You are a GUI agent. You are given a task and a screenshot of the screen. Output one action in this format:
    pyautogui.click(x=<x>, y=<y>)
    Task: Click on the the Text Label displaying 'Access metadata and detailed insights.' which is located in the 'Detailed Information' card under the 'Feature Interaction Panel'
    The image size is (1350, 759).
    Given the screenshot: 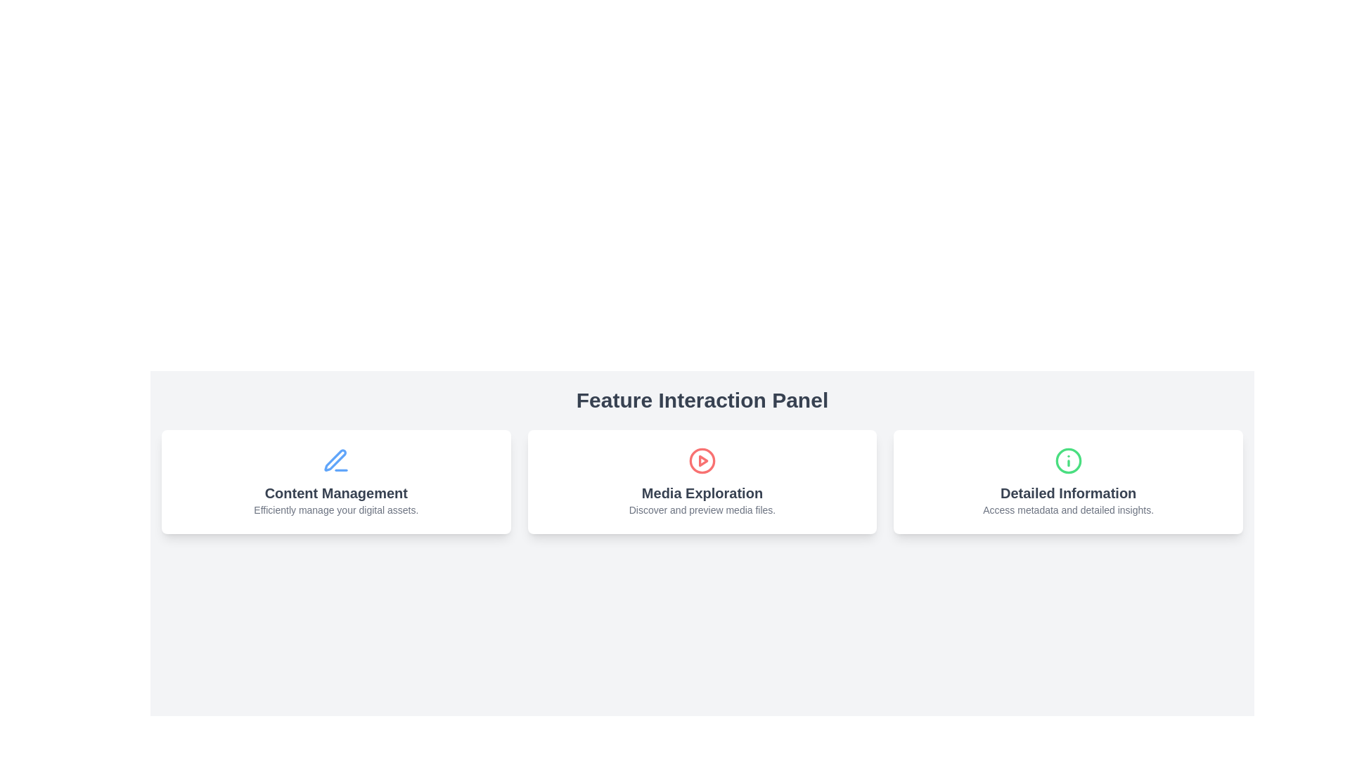 What is the action you would take?
    pyautogui.click(x=1068, y=510)
    